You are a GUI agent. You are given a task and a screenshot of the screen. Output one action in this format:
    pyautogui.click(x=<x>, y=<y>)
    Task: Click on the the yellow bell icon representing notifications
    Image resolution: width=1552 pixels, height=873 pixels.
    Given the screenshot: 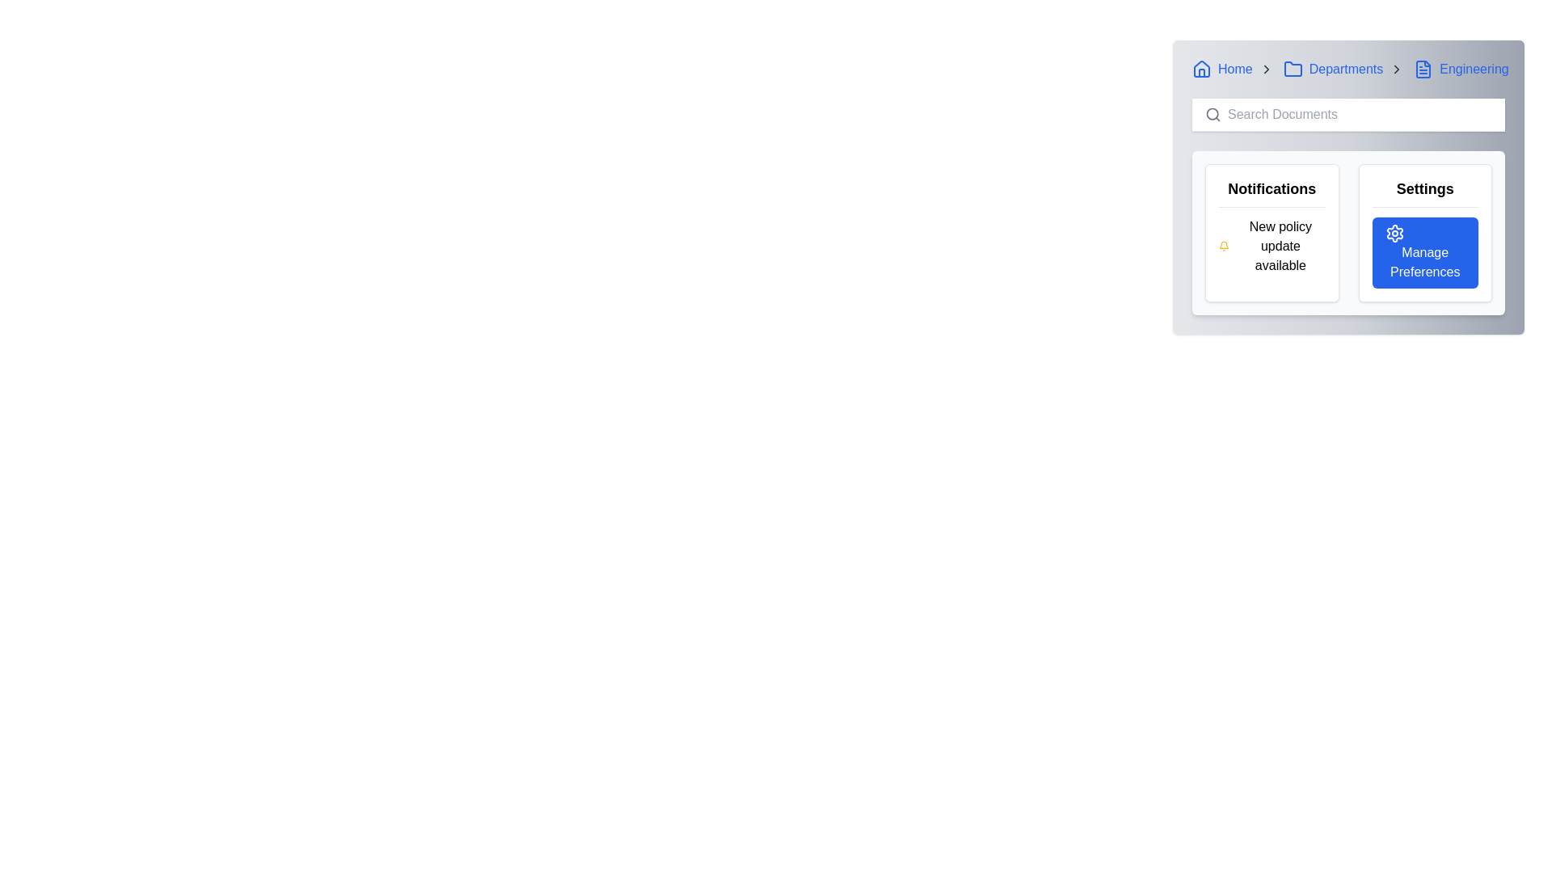 What is the action you would take?
    pyautogui.click(x=1224, y=246)
    